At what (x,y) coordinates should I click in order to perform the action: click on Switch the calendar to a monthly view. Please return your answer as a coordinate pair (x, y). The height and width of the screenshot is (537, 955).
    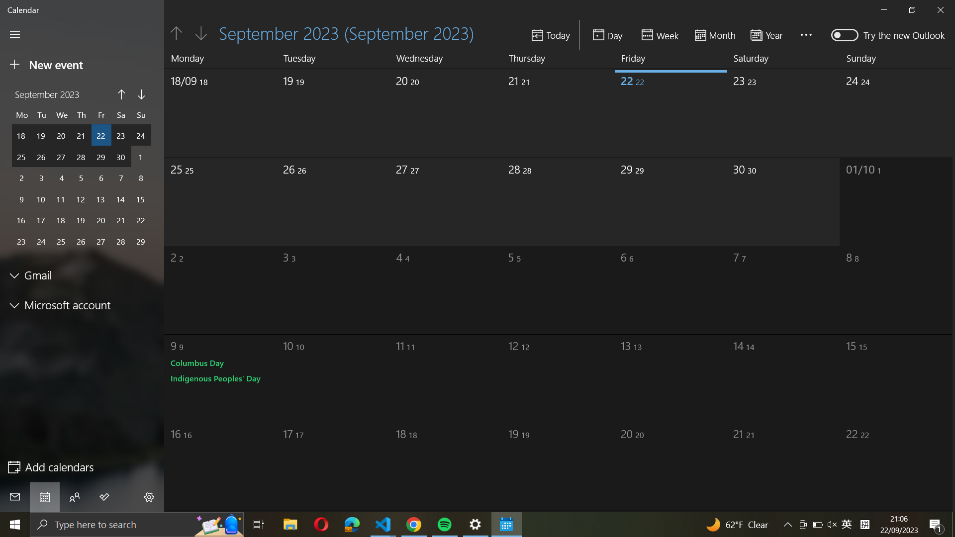
    Looking at the image, I should click on (715, 34).